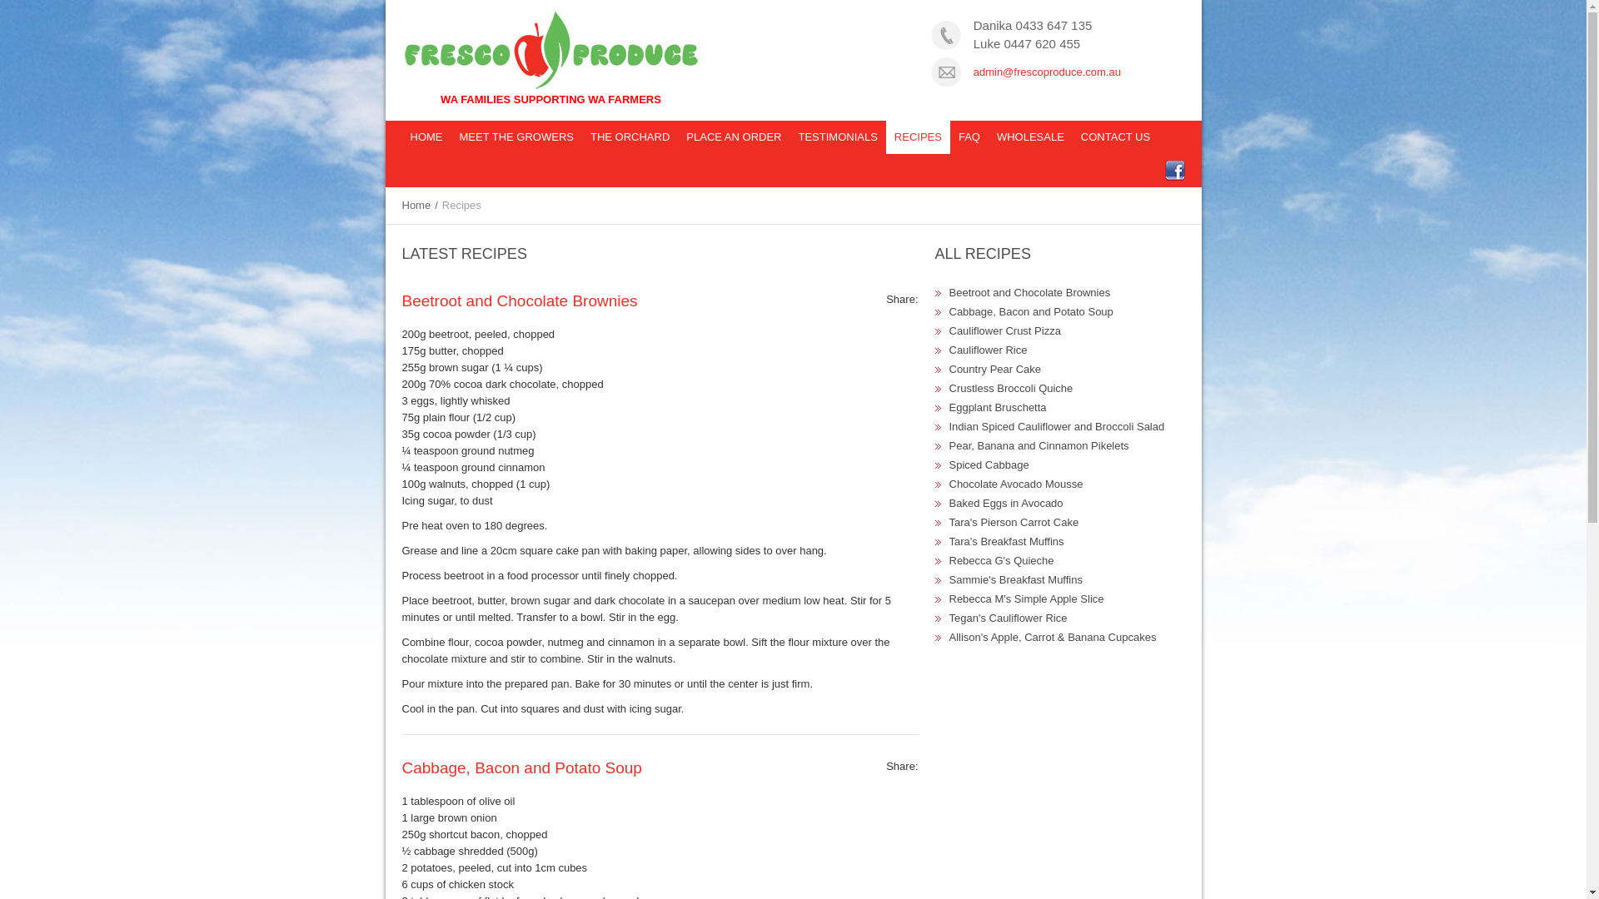 Image resolution: width=1599 pixels, height=899 pixels. What do you see at coordinates (407, 204) in the screenshot?
I see `'Home'` at bounding box center [407, 204].